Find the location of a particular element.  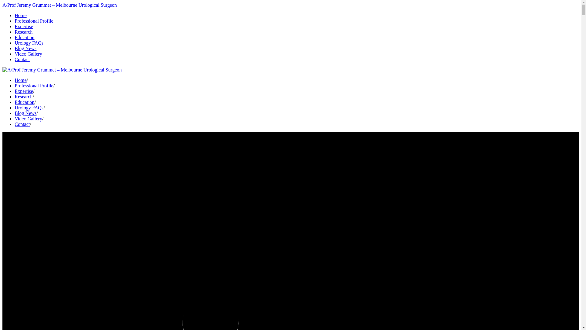

'Blog News' is located at coordinates (25, 113).